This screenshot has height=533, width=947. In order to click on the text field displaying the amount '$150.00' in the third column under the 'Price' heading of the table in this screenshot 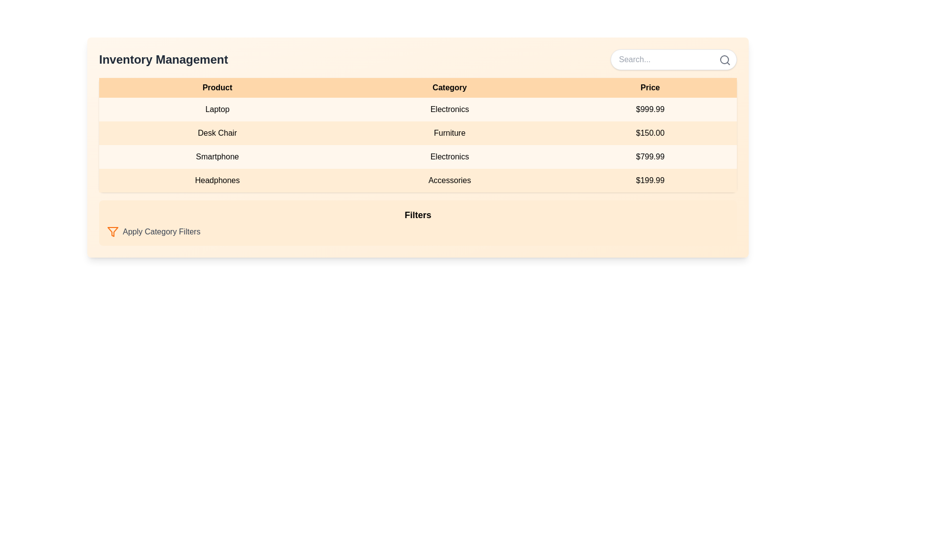, I will do `click(650, 133)`.